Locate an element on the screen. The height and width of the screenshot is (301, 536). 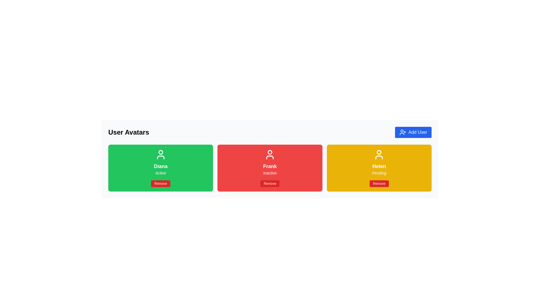
the 'Remove' button, which is a rectangular button with white text on a red background, located at the bottom of a user profile card beneath the 'Active' status label is located at coordinates (160, 184).